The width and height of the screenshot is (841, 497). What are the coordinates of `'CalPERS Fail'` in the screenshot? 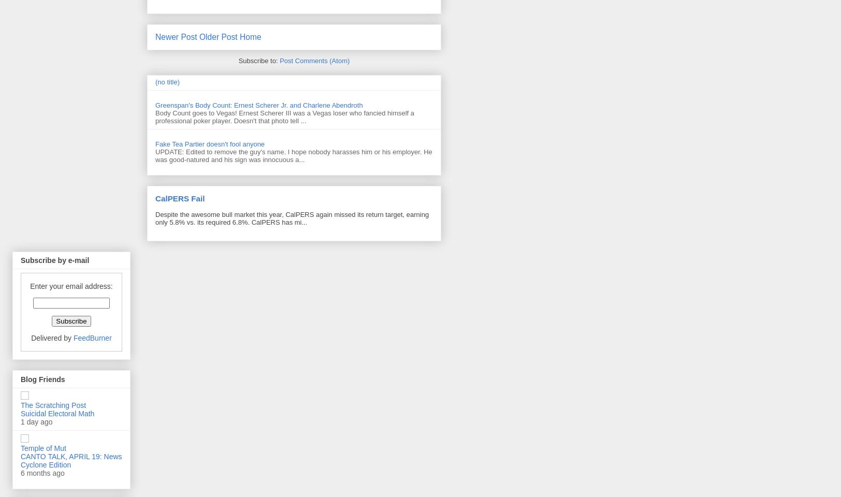 It's located at (180, 197).